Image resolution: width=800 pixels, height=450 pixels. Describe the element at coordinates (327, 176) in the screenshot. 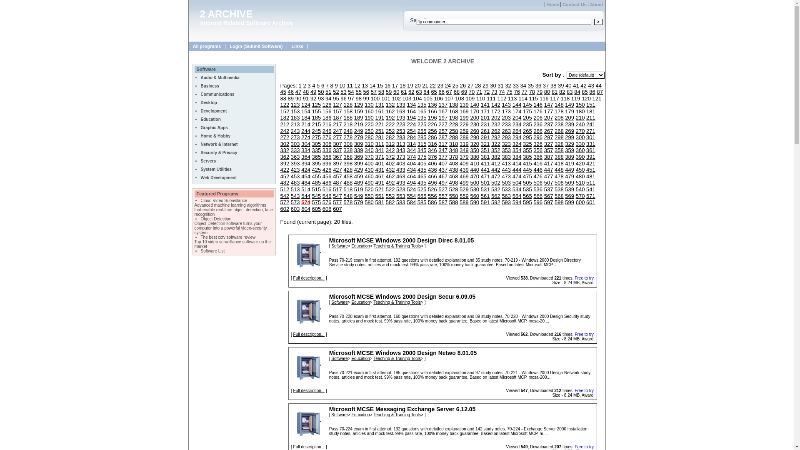

I see `'456'` at that location.